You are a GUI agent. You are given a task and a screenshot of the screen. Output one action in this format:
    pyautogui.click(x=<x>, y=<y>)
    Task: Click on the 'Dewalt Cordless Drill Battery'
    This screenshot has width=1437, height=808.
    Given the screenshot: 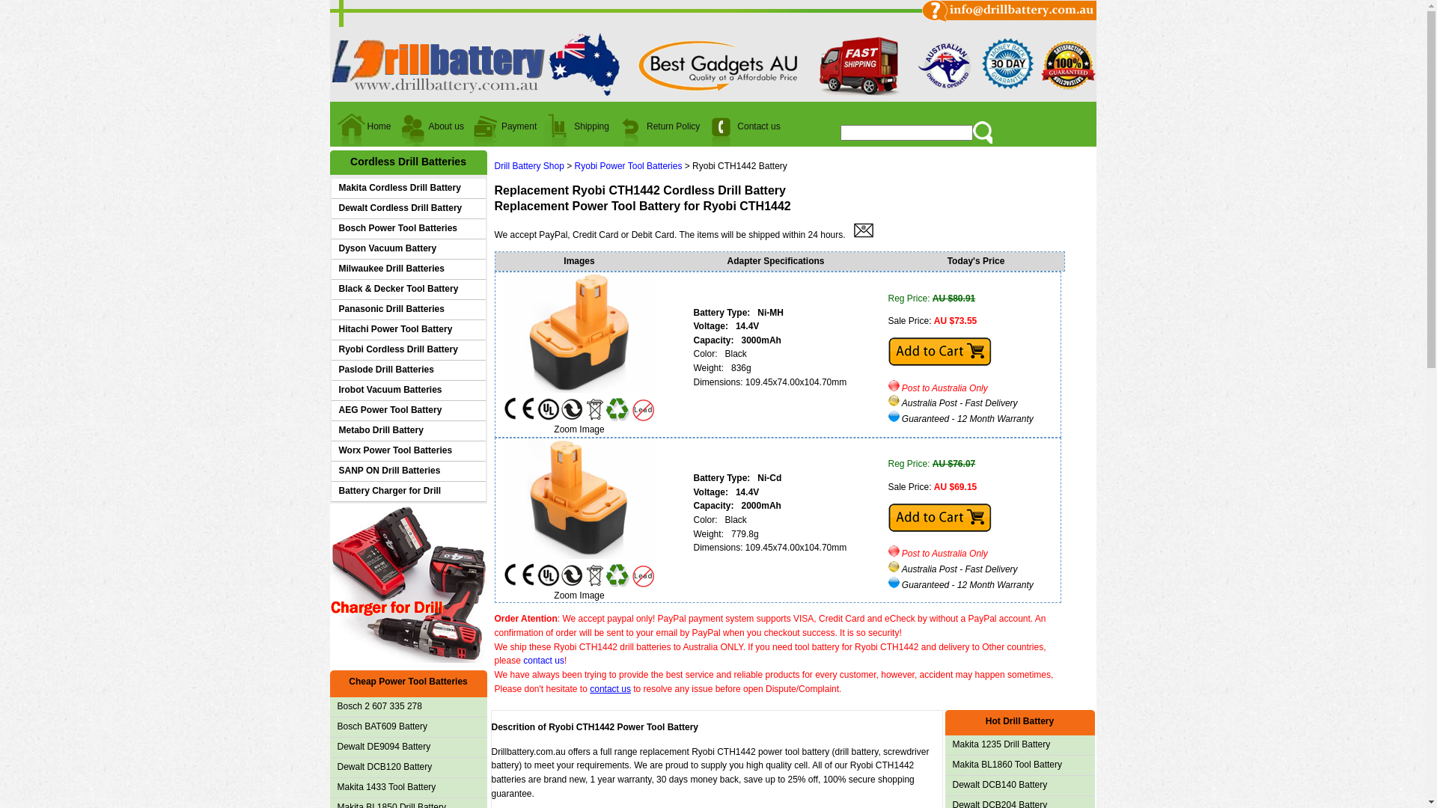 What is the action you would take?
    pyautogui.click(x=408, y=208)
    